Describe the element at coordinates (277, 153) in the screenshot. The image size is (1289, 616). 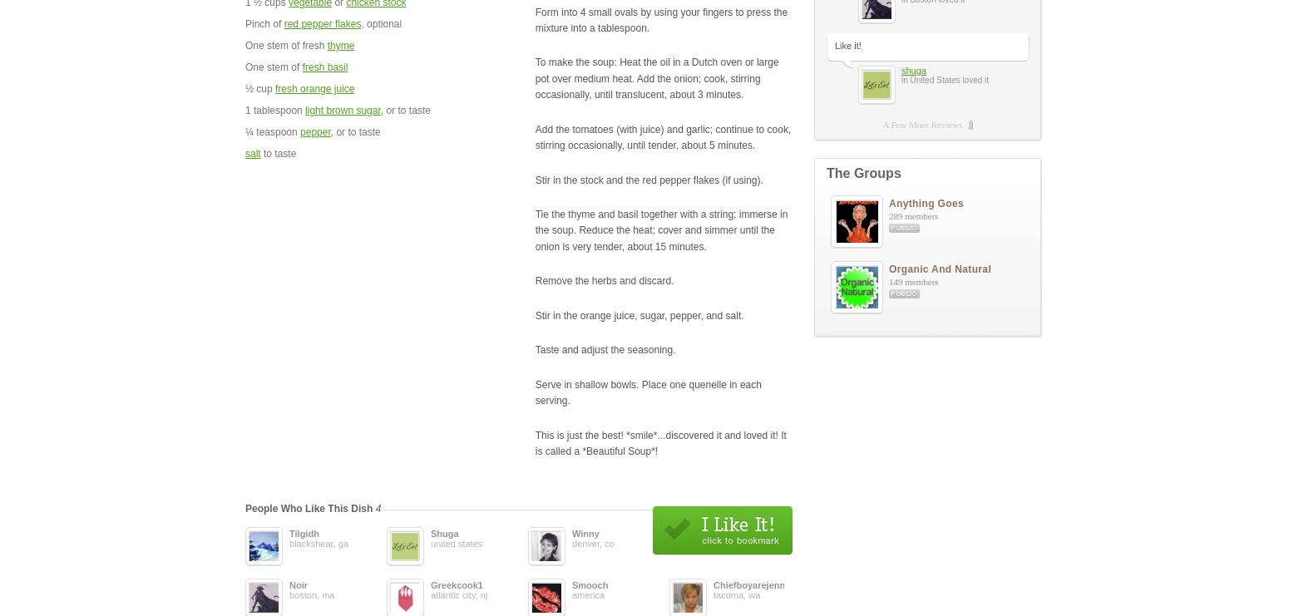
I see `'to taste'` at that location.